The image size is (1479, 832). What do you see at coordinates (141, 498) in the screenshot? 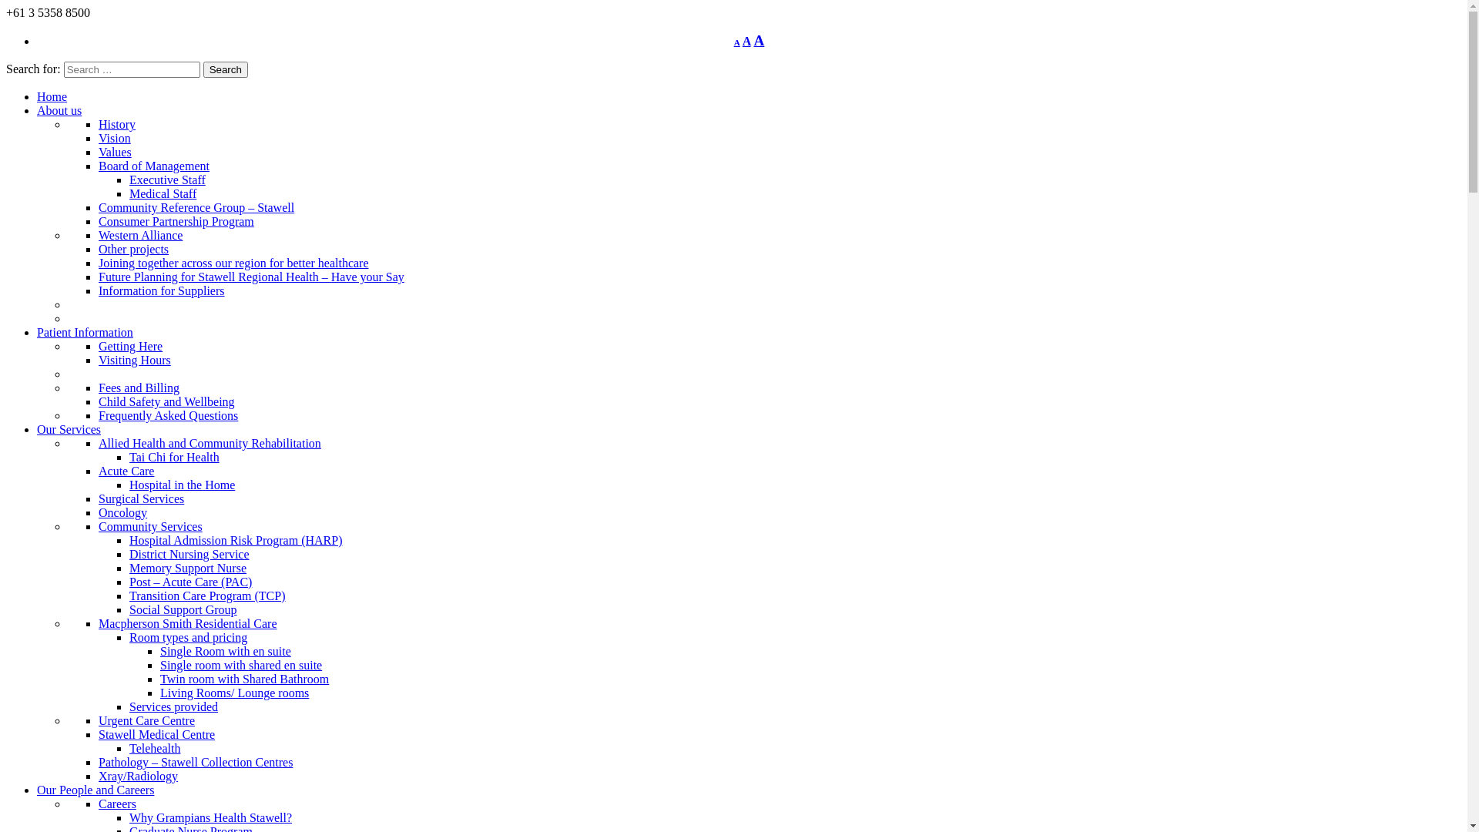
I see `'Surgical Services'` at bounding box center [141, 498].